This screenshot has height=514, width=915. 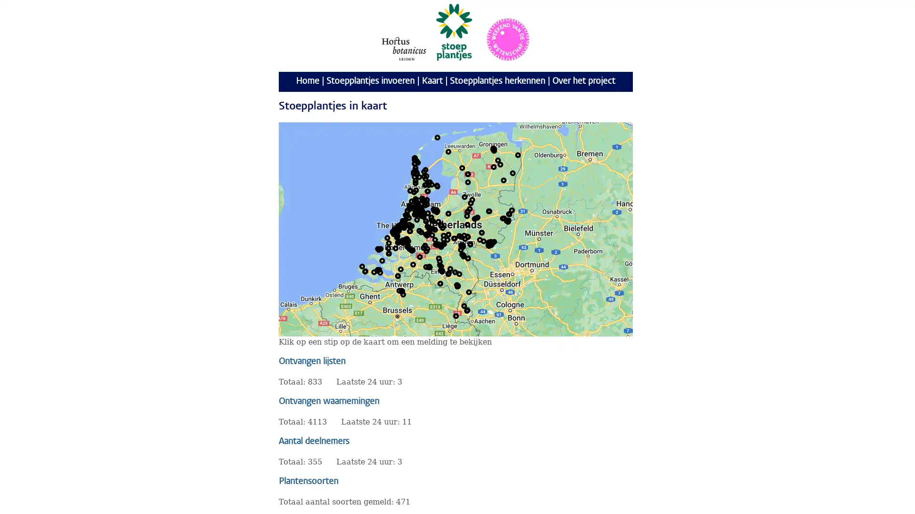 What do you see at coordinates (427, 191) in the screenshot?
I see `Telling van hester bastian op 06 februari 2022` at bounding box center [427, 191].